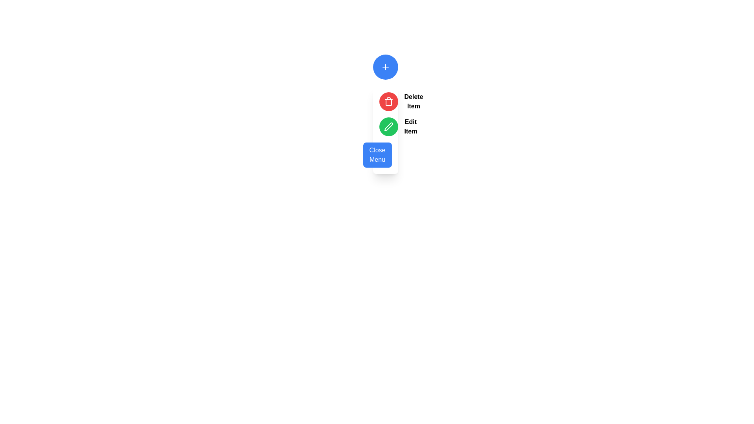 The image size is (754, 424). What do you see at coordinates (388, 126) in the screenshot?
I see `the icon button depicting a pen or pencil with a green circular background` at bounding box center [388, 126].